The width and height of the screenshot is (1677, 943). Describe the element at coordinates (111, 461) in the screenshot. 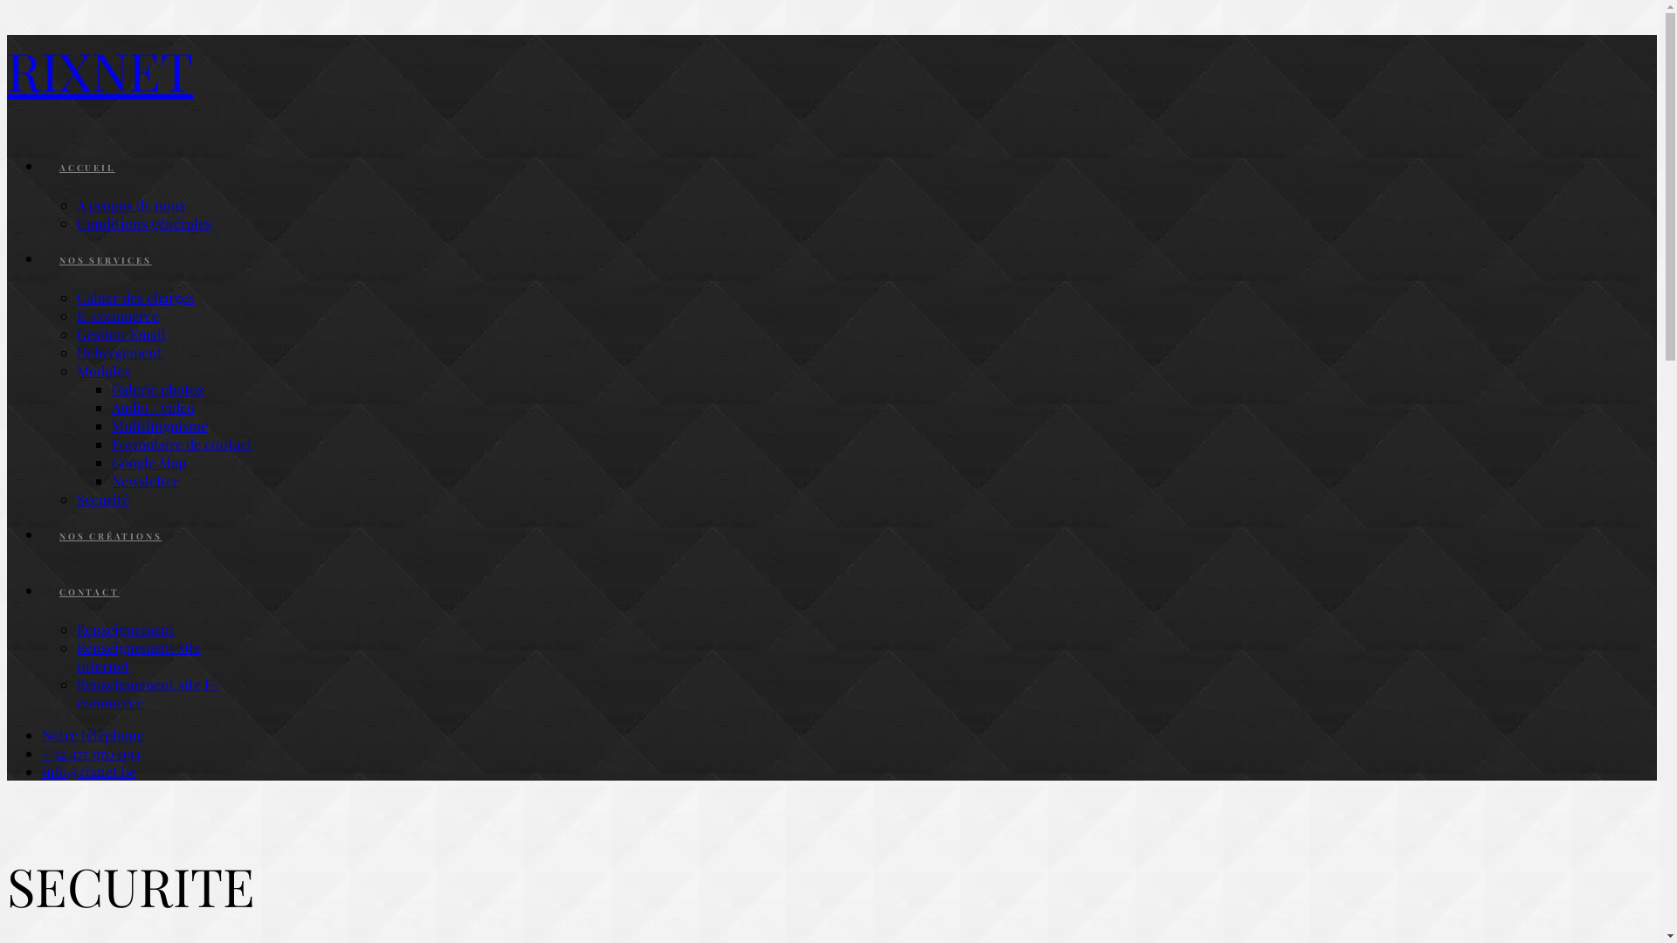

I see `'Google Map'` at that location.